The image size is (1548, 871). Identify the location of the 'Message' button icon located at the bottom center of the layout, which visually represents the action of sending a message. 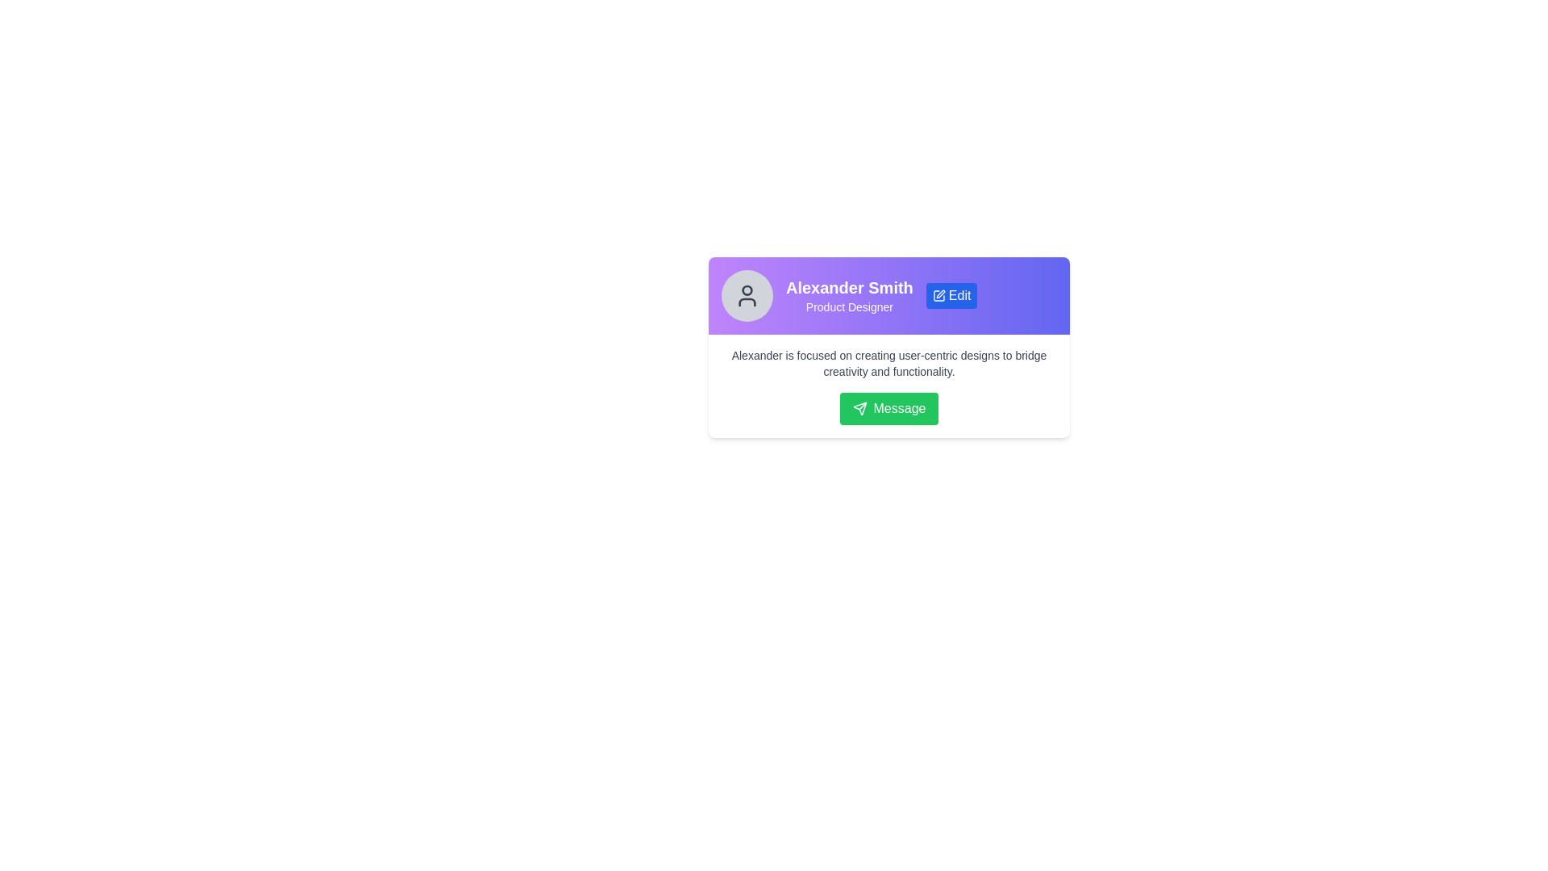
(858, 406).